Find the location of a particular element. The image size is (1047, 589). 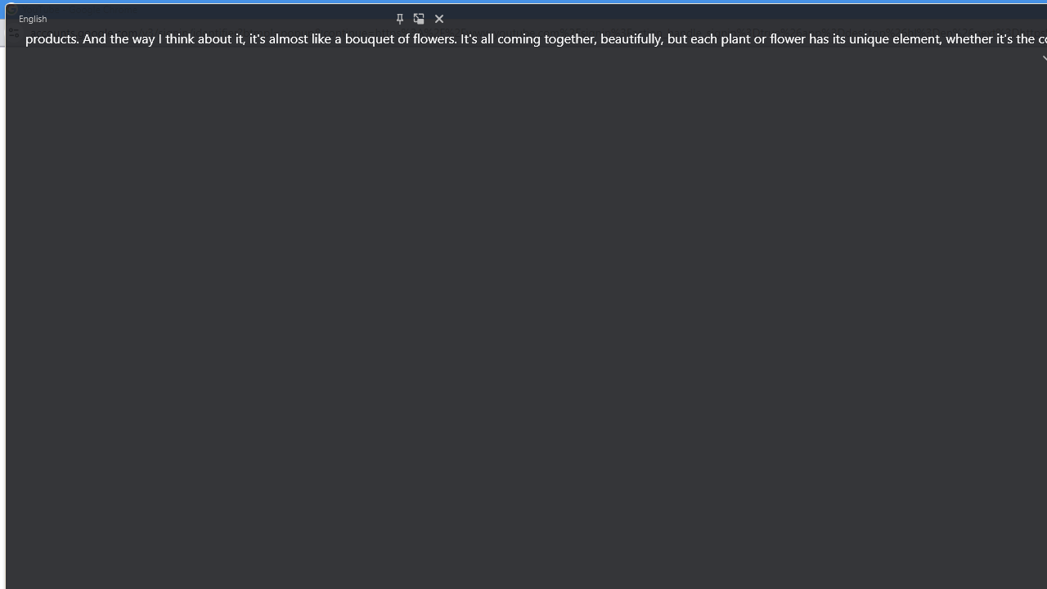

'Back to tab' is located at coordinates (419, 19).